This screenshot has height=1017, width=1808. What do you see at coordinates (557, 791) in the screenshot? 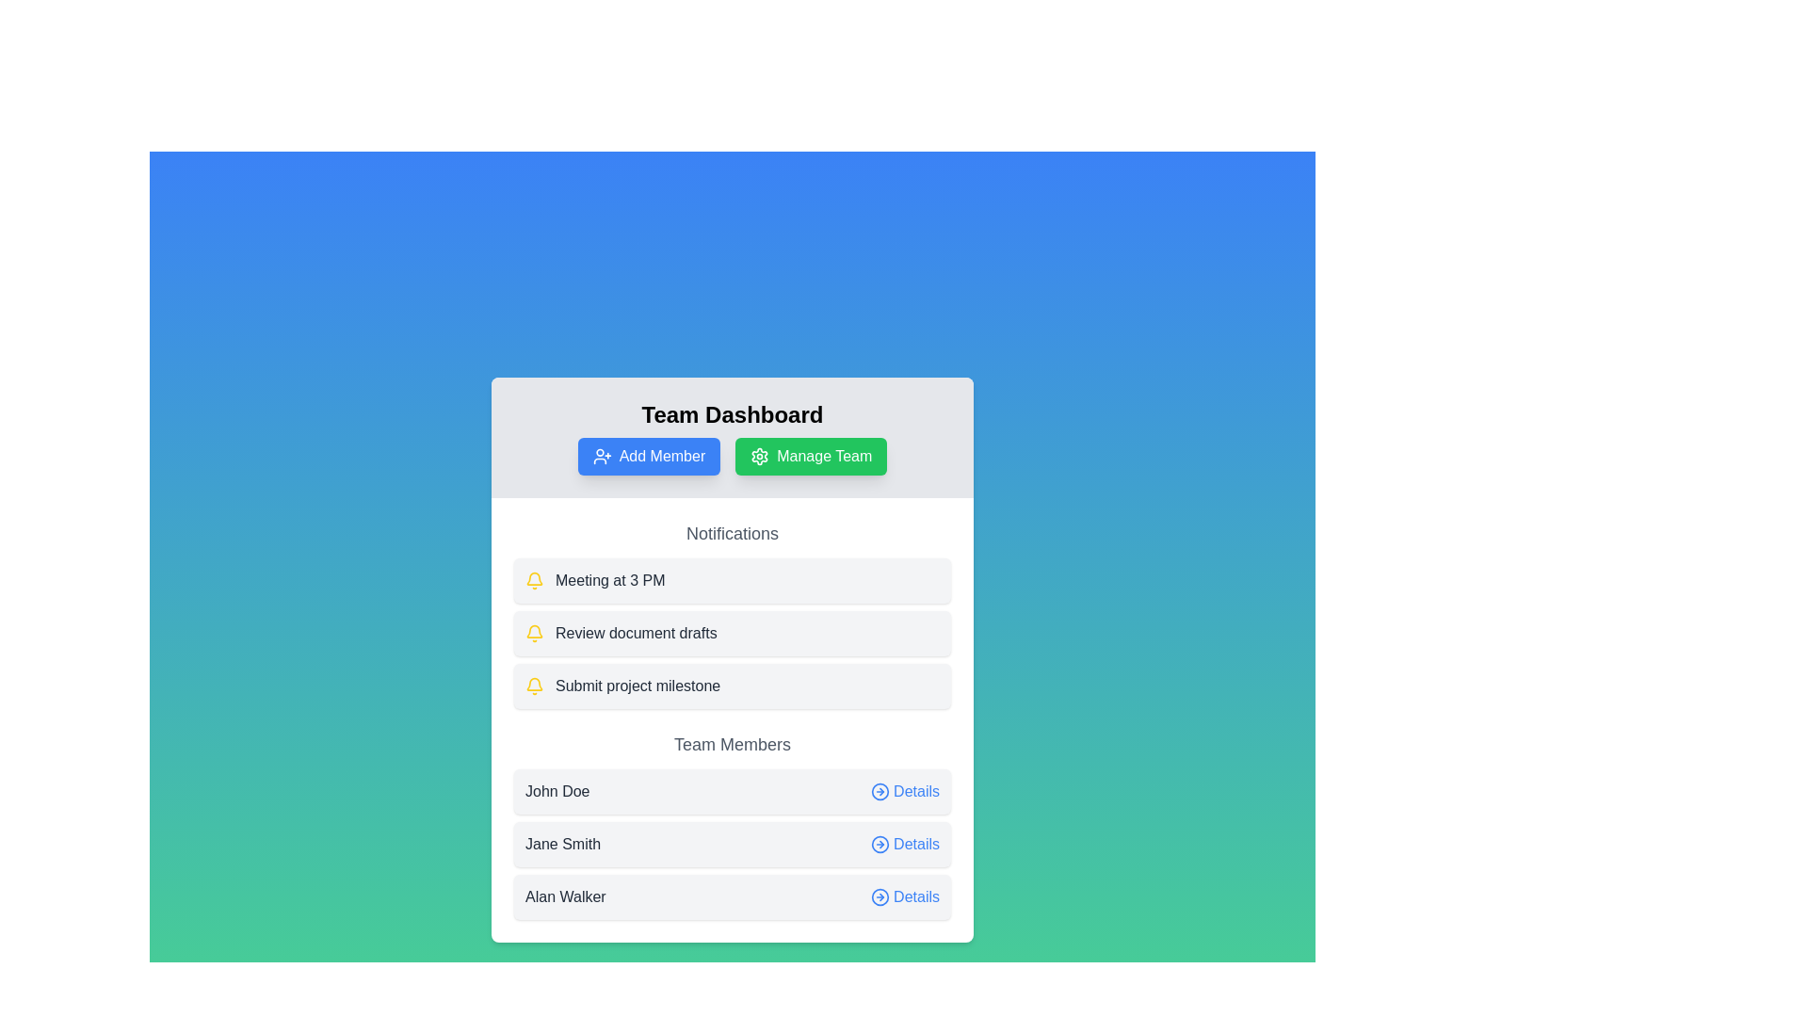
I see `the text label displaying 'John Doe', which is the first item in the 'Team Members' section, located below the 'Notifications' section` at bounding box center [557, 791].